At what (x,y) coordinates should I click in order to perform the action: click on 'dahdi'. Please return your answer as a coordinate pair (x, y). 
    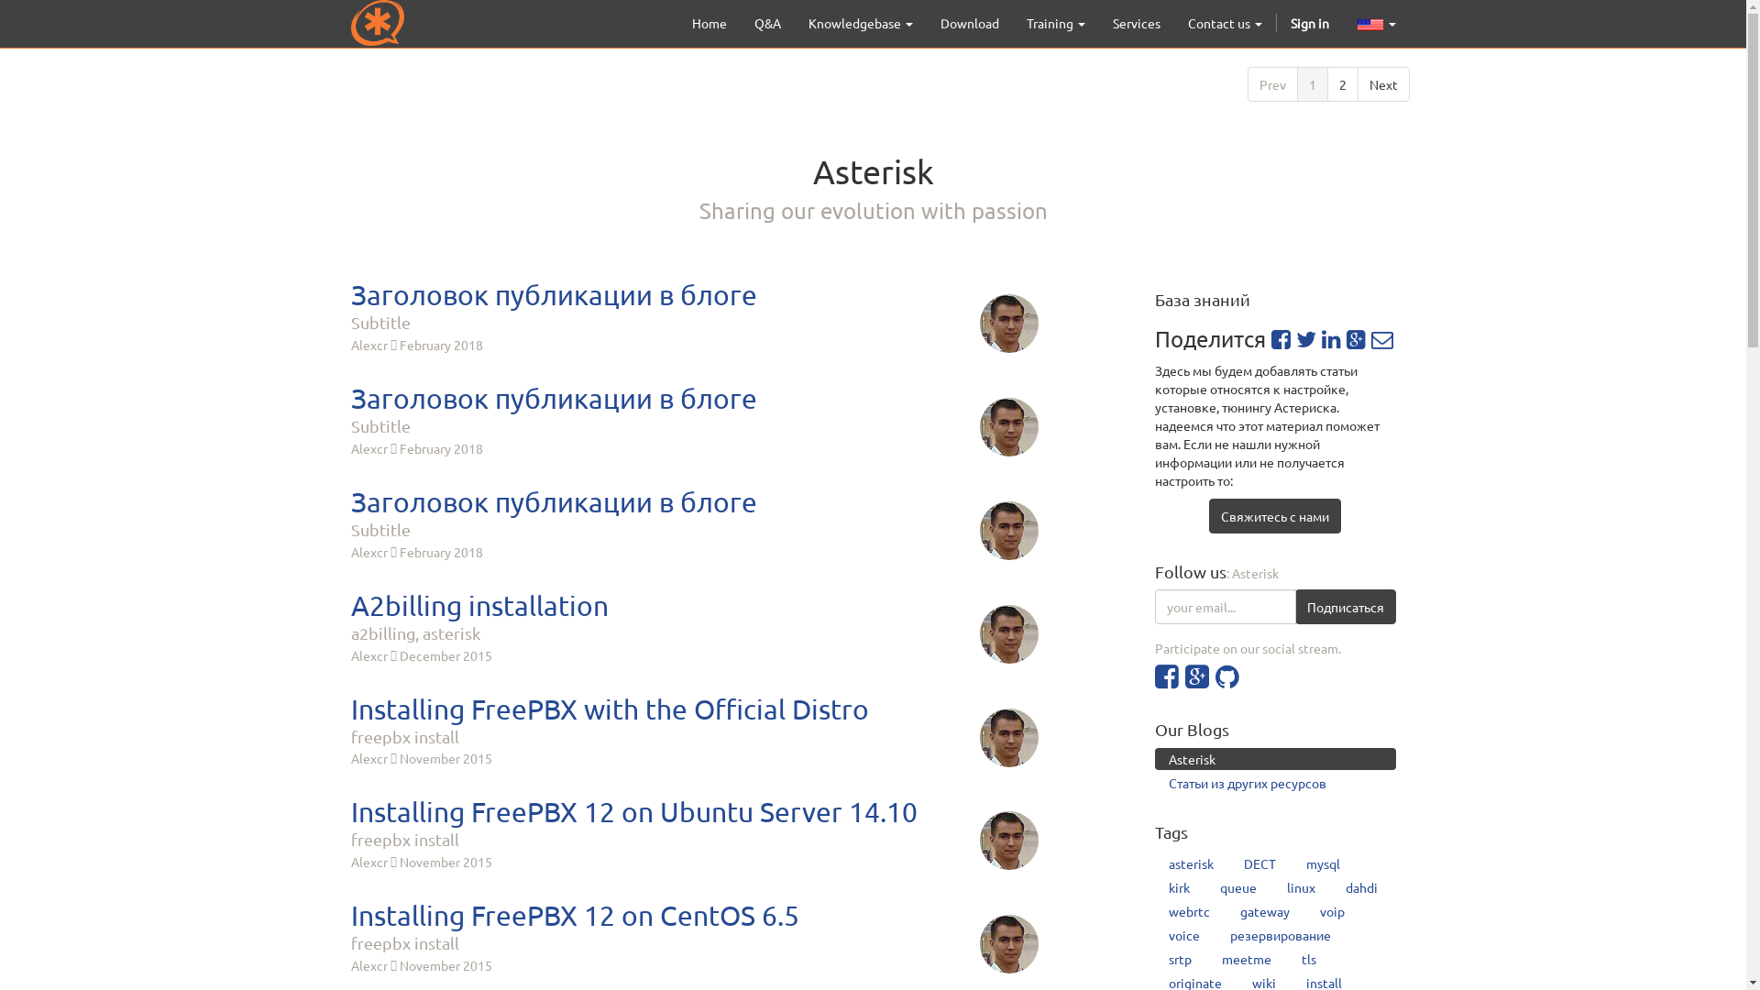
    Looking at the image, I should click on (1361, 886).